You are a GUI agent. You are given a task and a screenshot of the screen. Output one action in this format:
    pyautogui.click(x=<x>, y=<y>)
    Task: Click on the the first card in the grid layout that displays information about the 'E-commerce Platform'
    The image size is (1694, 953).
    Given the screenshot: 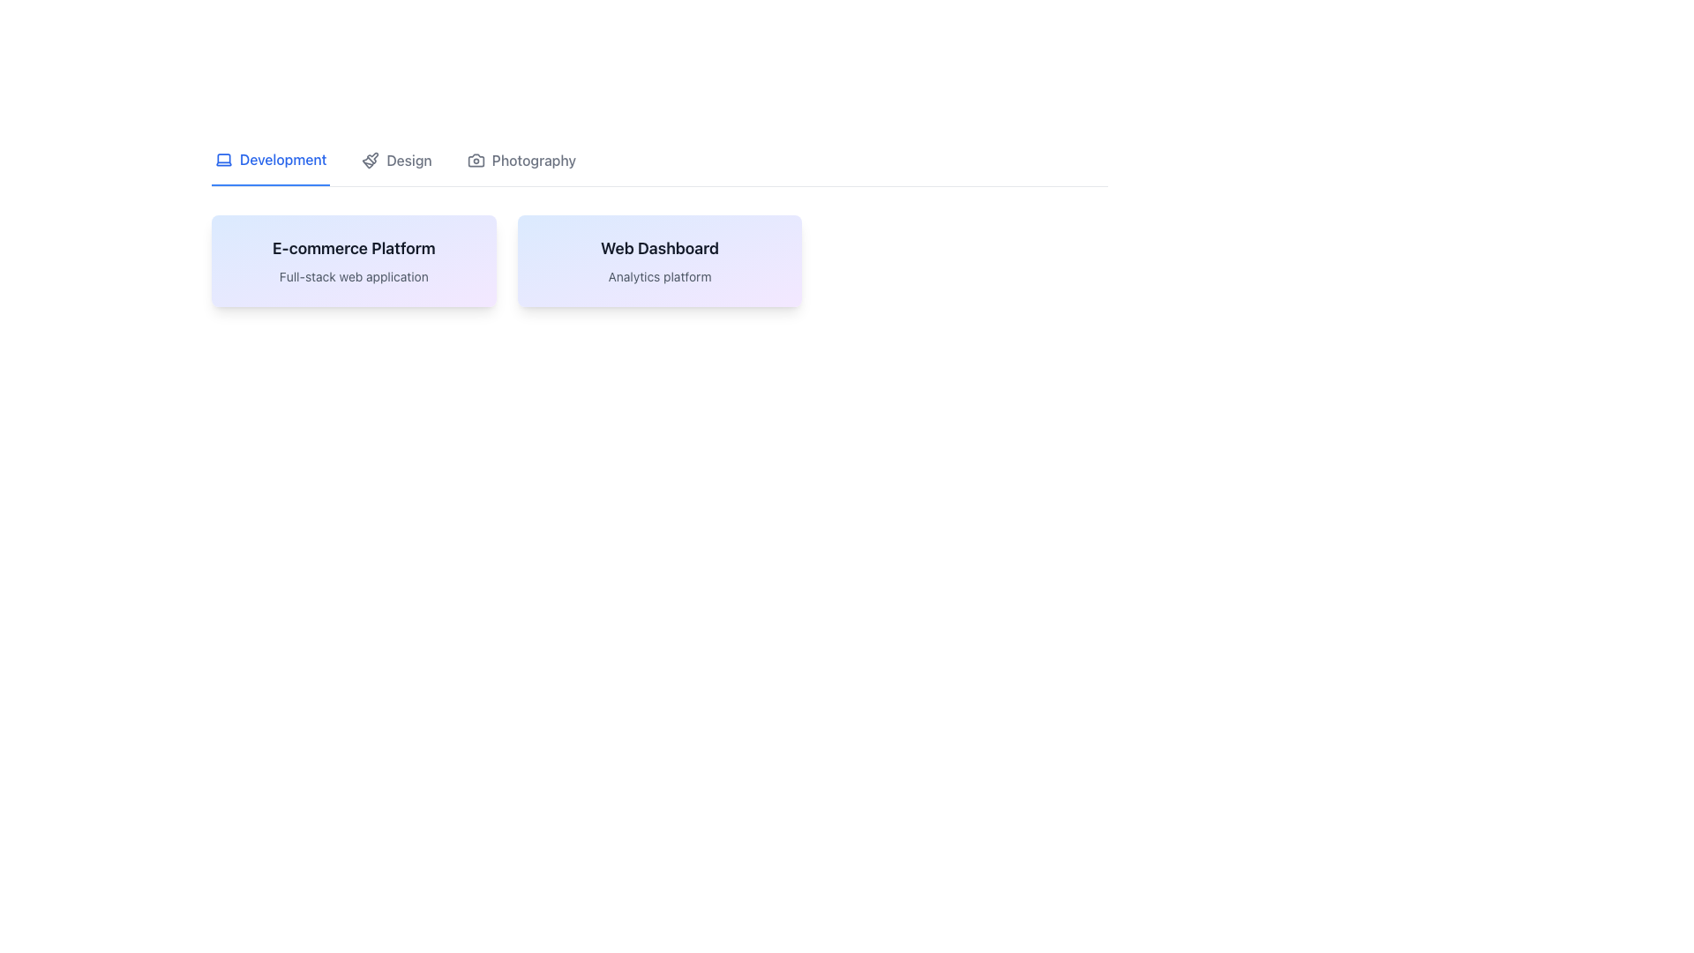 What is the action you would take?
    pyautogui.click(x=353, y=261)
    